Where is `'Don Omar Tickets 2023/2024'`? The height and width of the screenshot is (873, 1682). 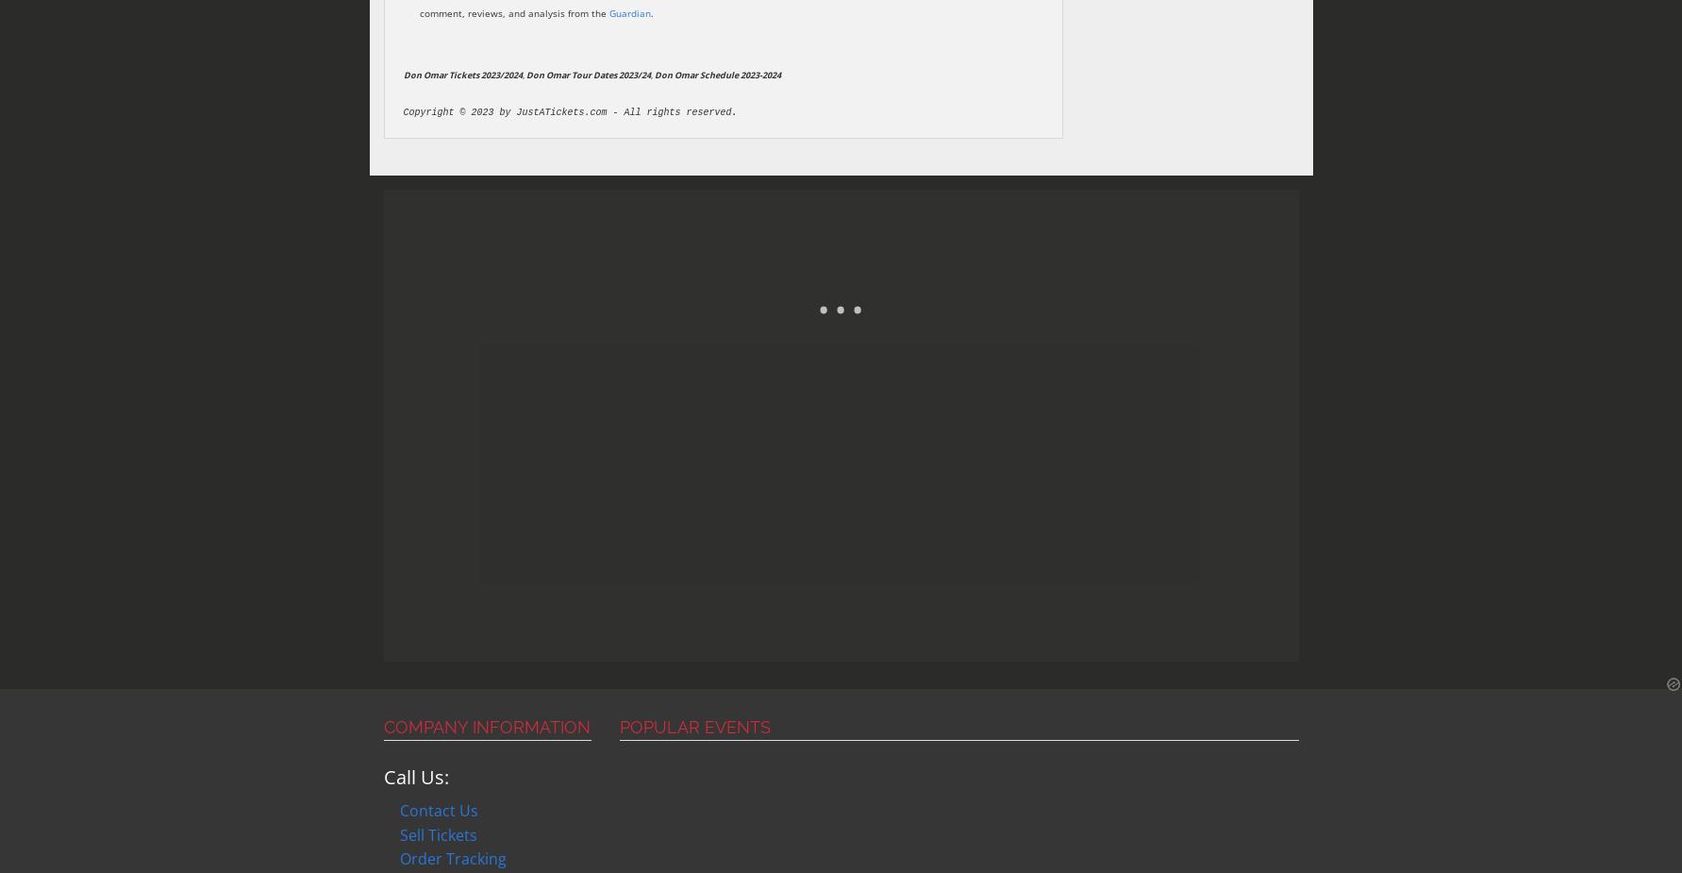 'Don Omar Tickets 2023/2024' is located at coordinates (461, 73).